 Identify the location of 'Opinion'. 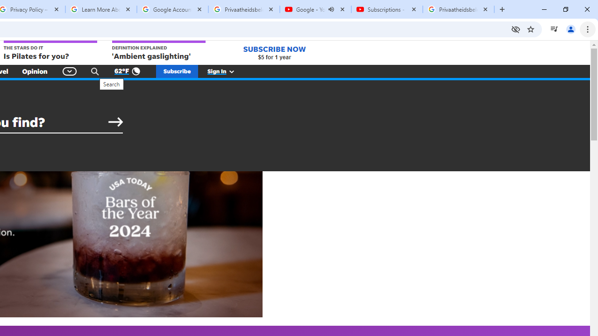
(35, 71).